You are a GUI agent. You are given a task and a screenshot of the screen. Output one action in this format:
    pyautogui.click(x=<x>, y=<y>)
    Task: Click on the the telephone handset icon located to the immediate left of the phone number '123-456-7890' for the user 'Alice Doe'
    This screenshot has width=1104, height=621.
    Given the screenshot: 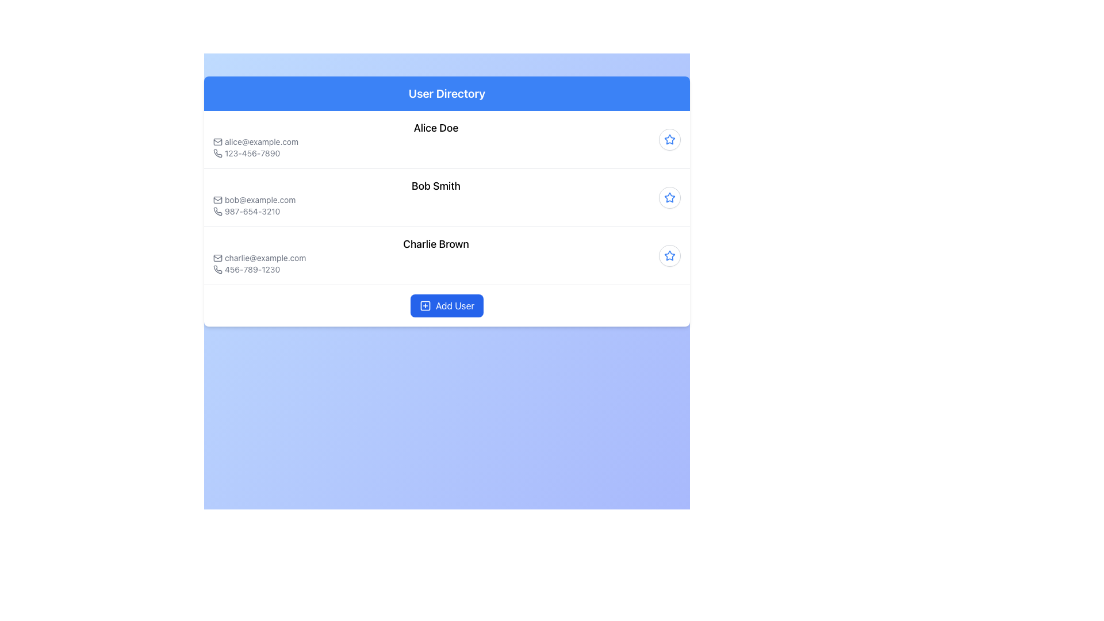 What is the action you would take?
    pyautogui.click(x=218, y=152)
    